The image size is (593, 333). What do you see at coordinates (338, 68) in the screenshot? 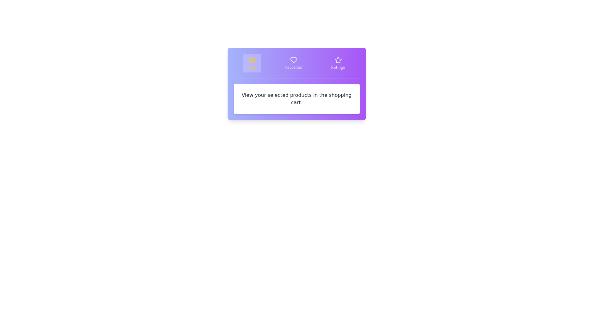
I see `text label 'Ratings' located in the third section of the horizontal navigation bar, positioned below a star icon and on the far right, styled with a small font size and medium weight against a purple background` at bounding box center [338, 68].